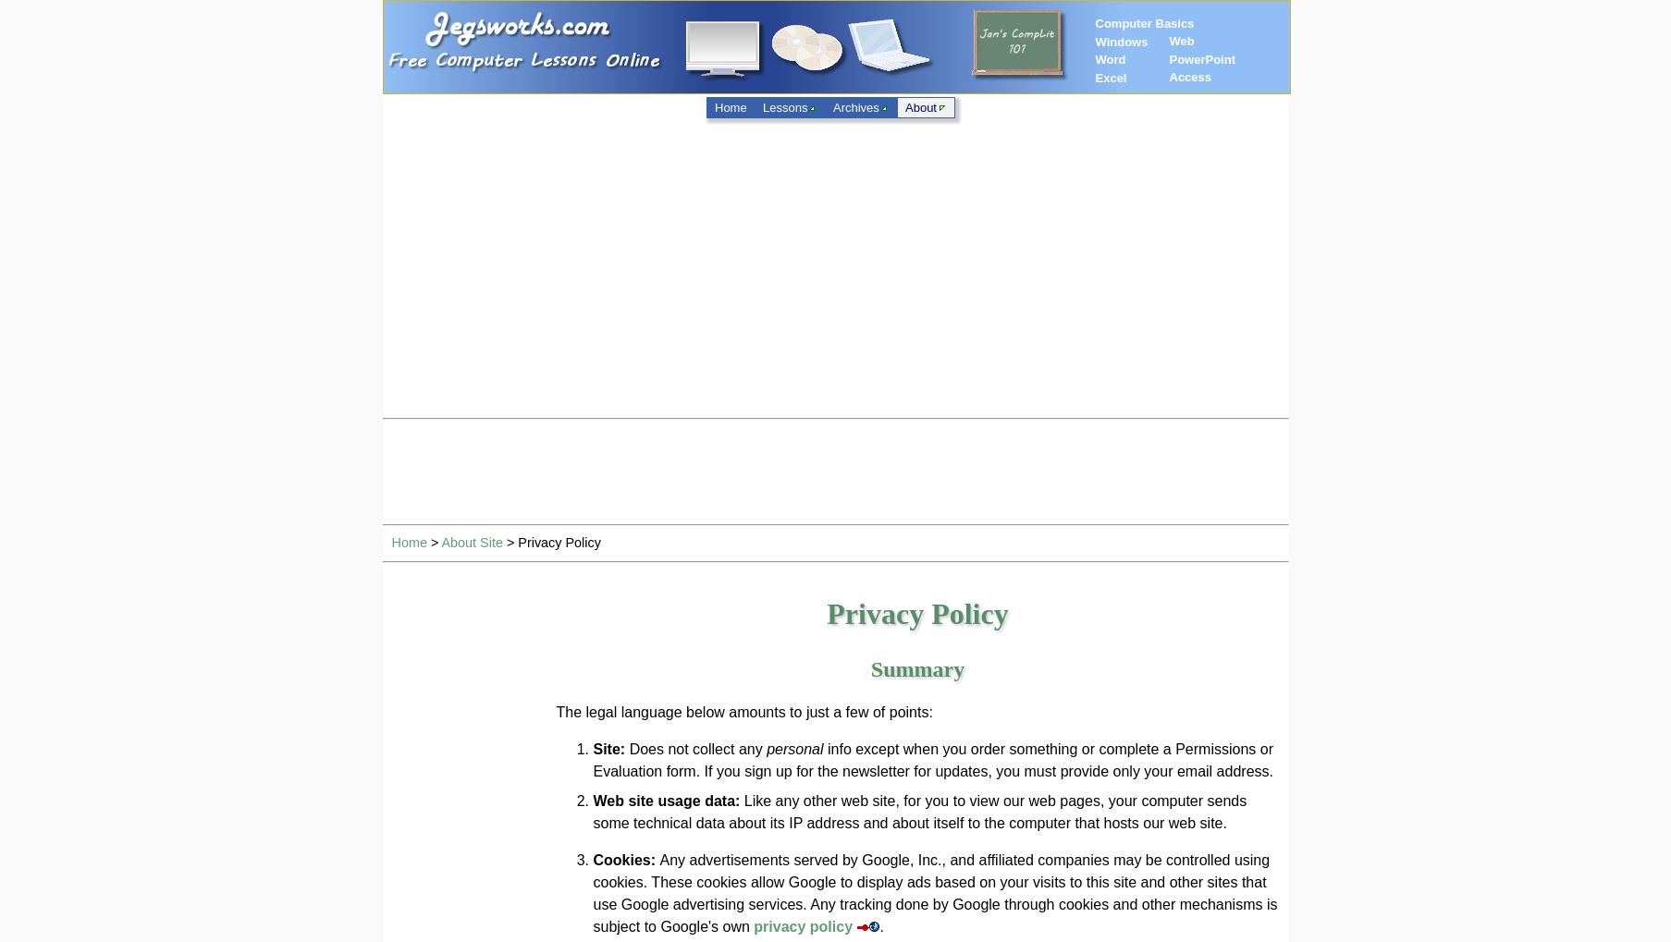  I want to click on 'Summary', so click(917, 668).